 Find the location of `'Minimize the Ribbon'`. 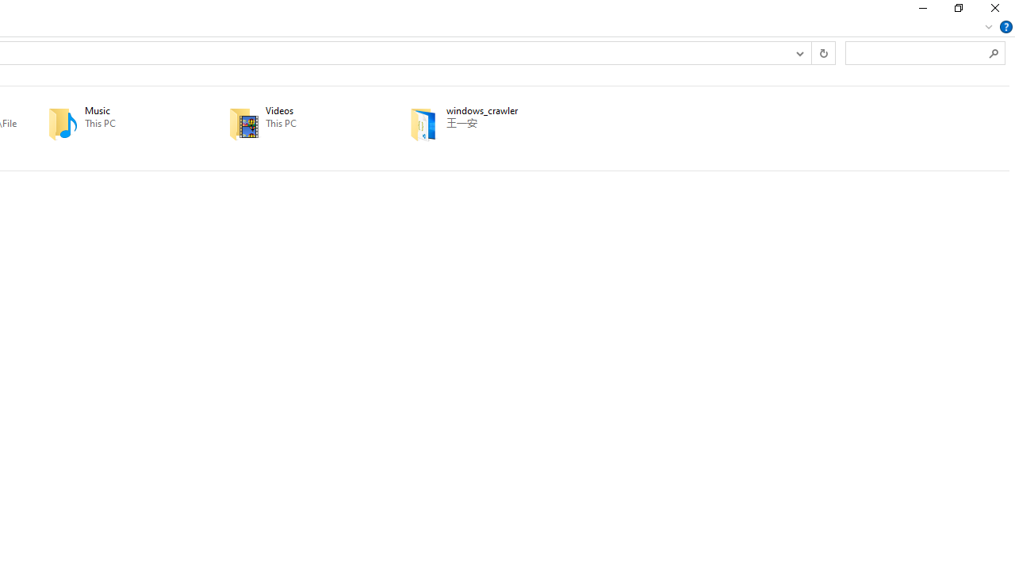

'Minimize the Ribbon' is located at coordinates (988, 26).